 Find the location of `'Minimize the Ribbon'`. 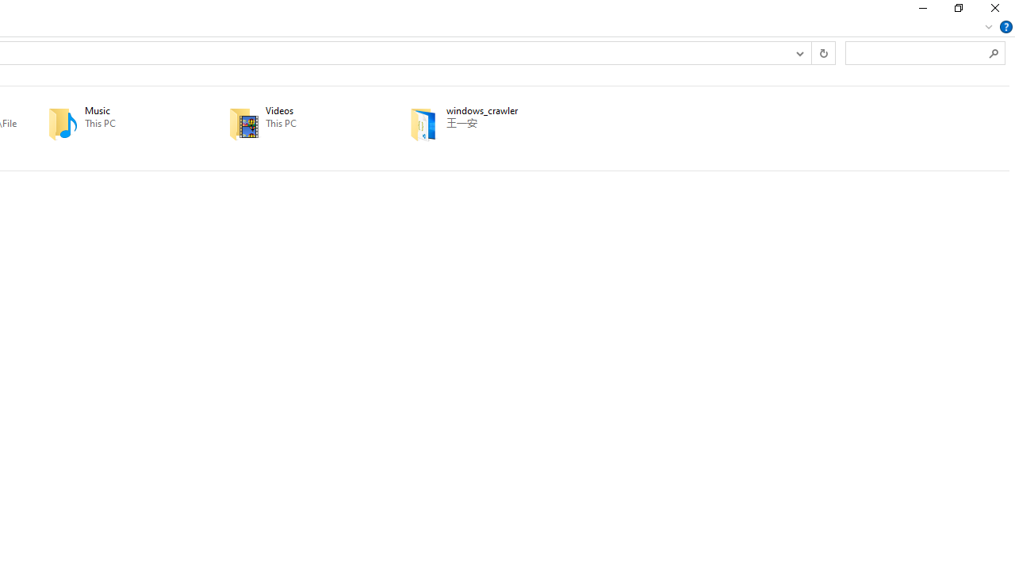

'Minimize the Ribbon' is located at coordinates (988, 26).